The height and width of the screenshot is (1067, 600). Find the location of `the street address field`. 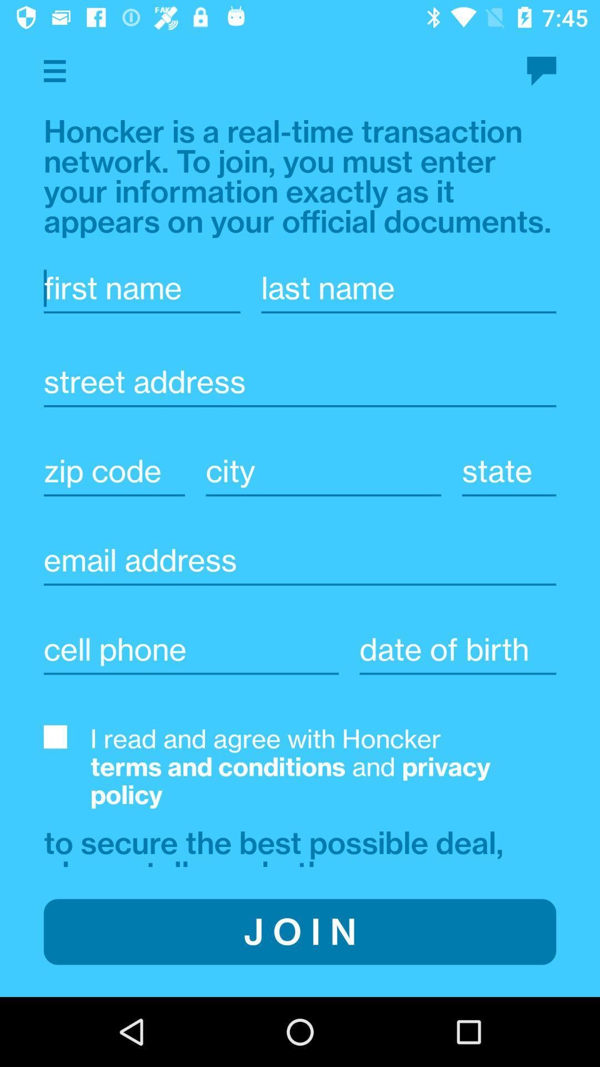

the street address field is located at coordinates (300, 400).